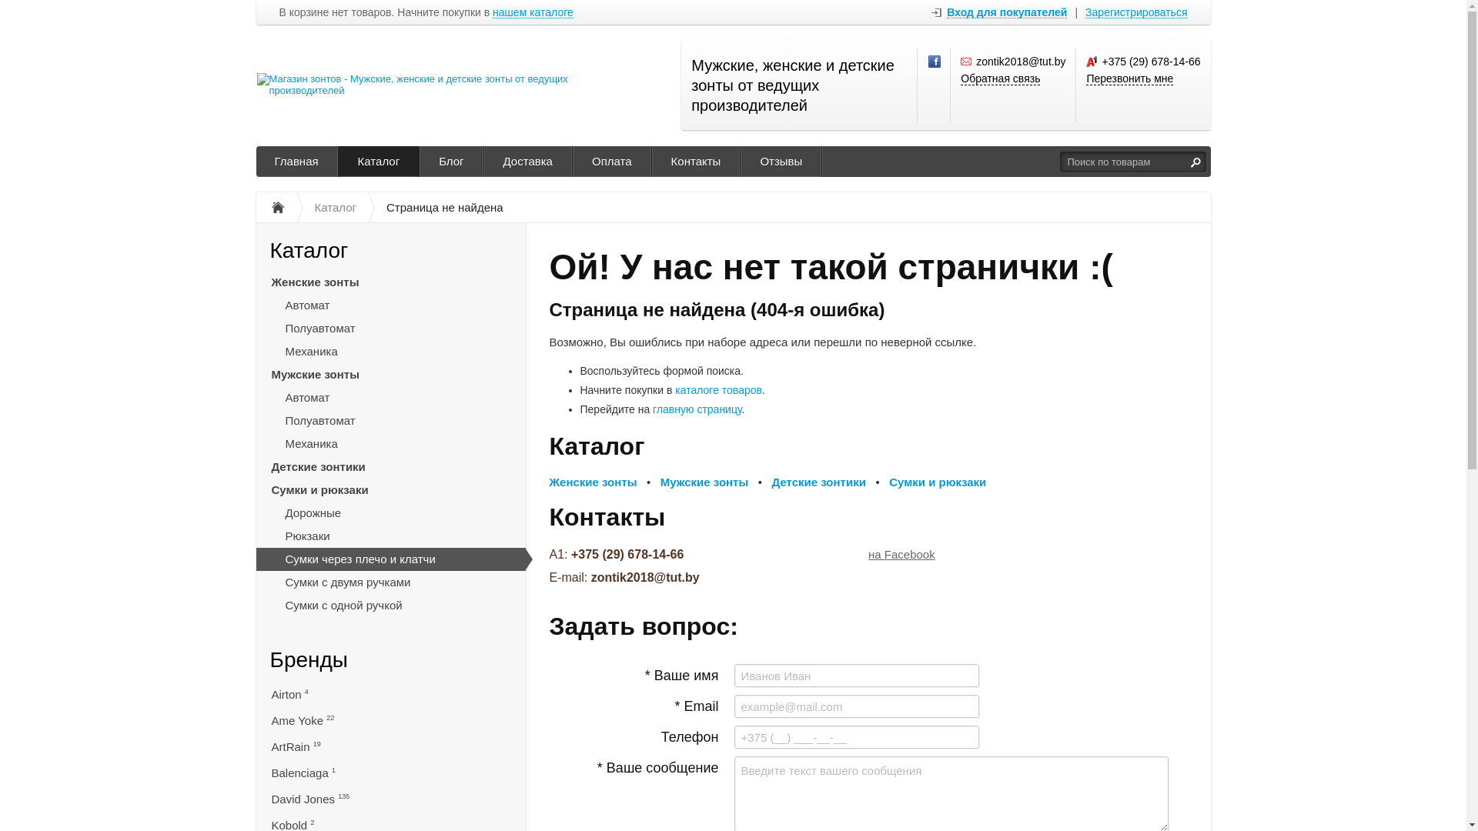 Image resolution: width=1478 pixels, height=831 pixels. I want to click on 'Balenciaga 1', so click(390, 771).